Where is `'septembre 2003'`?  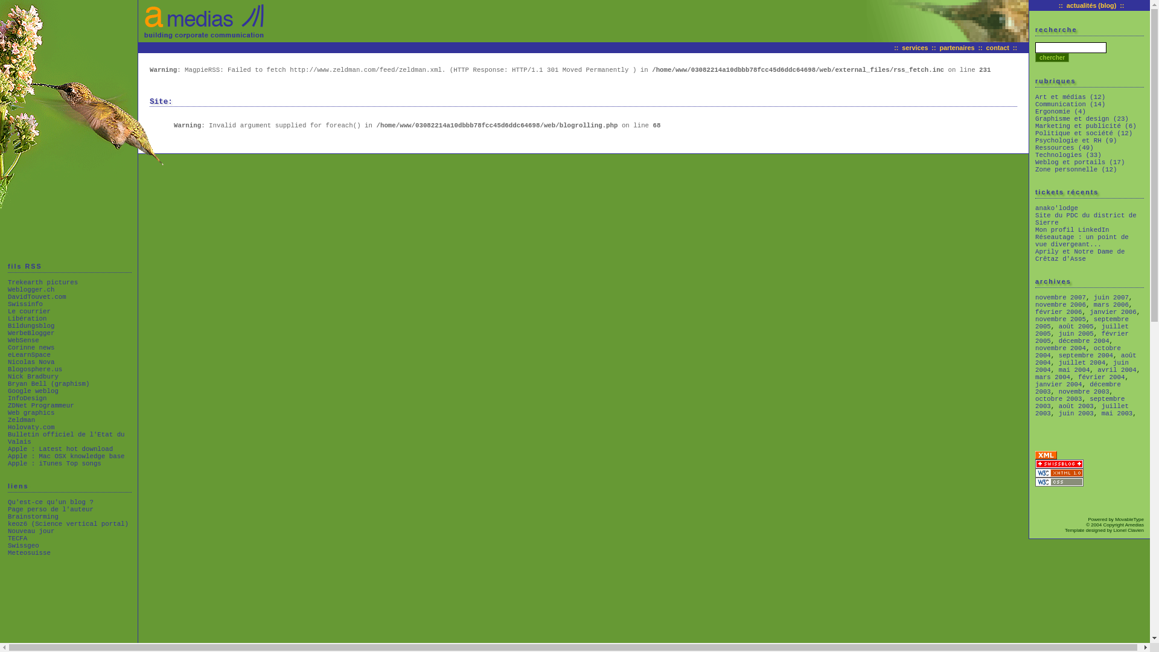 'septembre 2003' is located at coordinates (1034, 403).